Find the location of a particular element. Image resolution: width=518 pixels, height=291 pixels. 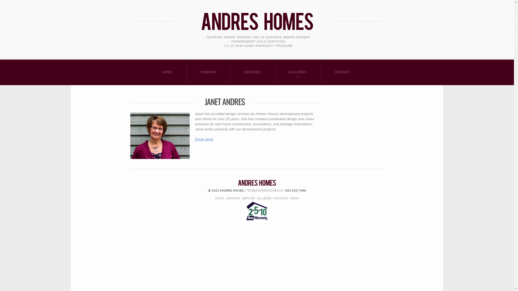

'HOME' is located at coordinates (214, 198).